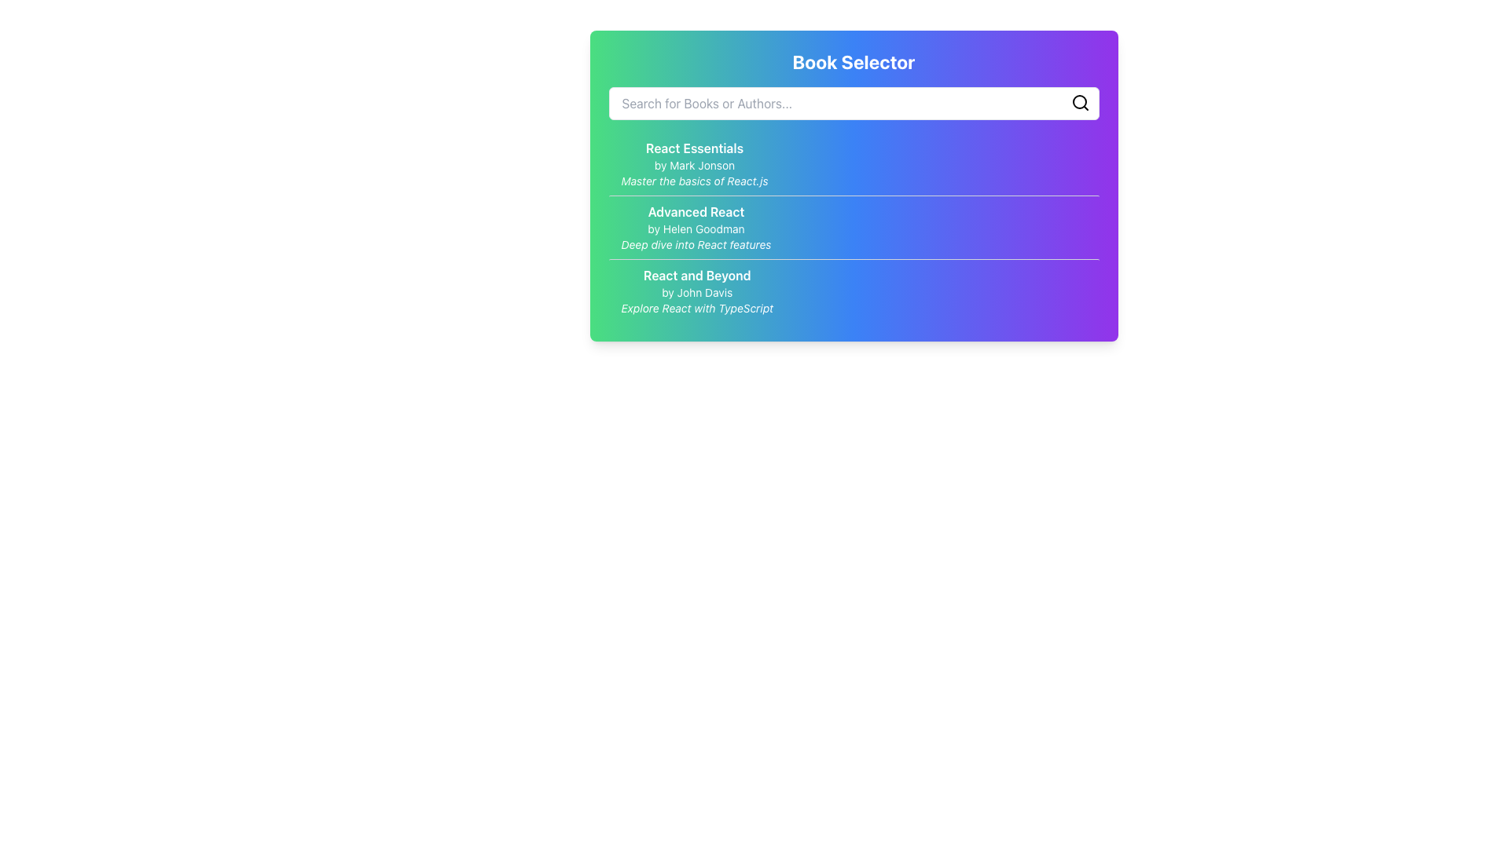 The height and width of the screenshot is (848, 1509). Describe the element at coordinates (696, 291) in the screenshot. I see `the text block that contains 'React and Beyond', 'by John Davis', and 'Explore React with TypeScript'` at that location.